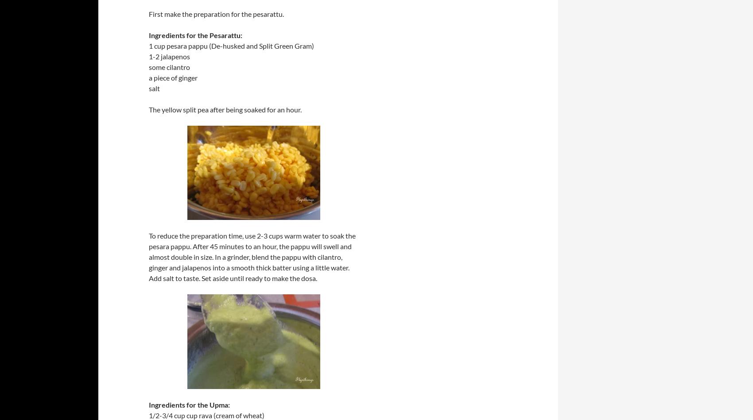 The height and width of the screenshot is (420, 753). What do you see at coordinates (148, 35) in the screenshot?
I see `'Ingredients for the Pesarattu:'` at bounding box center [148, 35].